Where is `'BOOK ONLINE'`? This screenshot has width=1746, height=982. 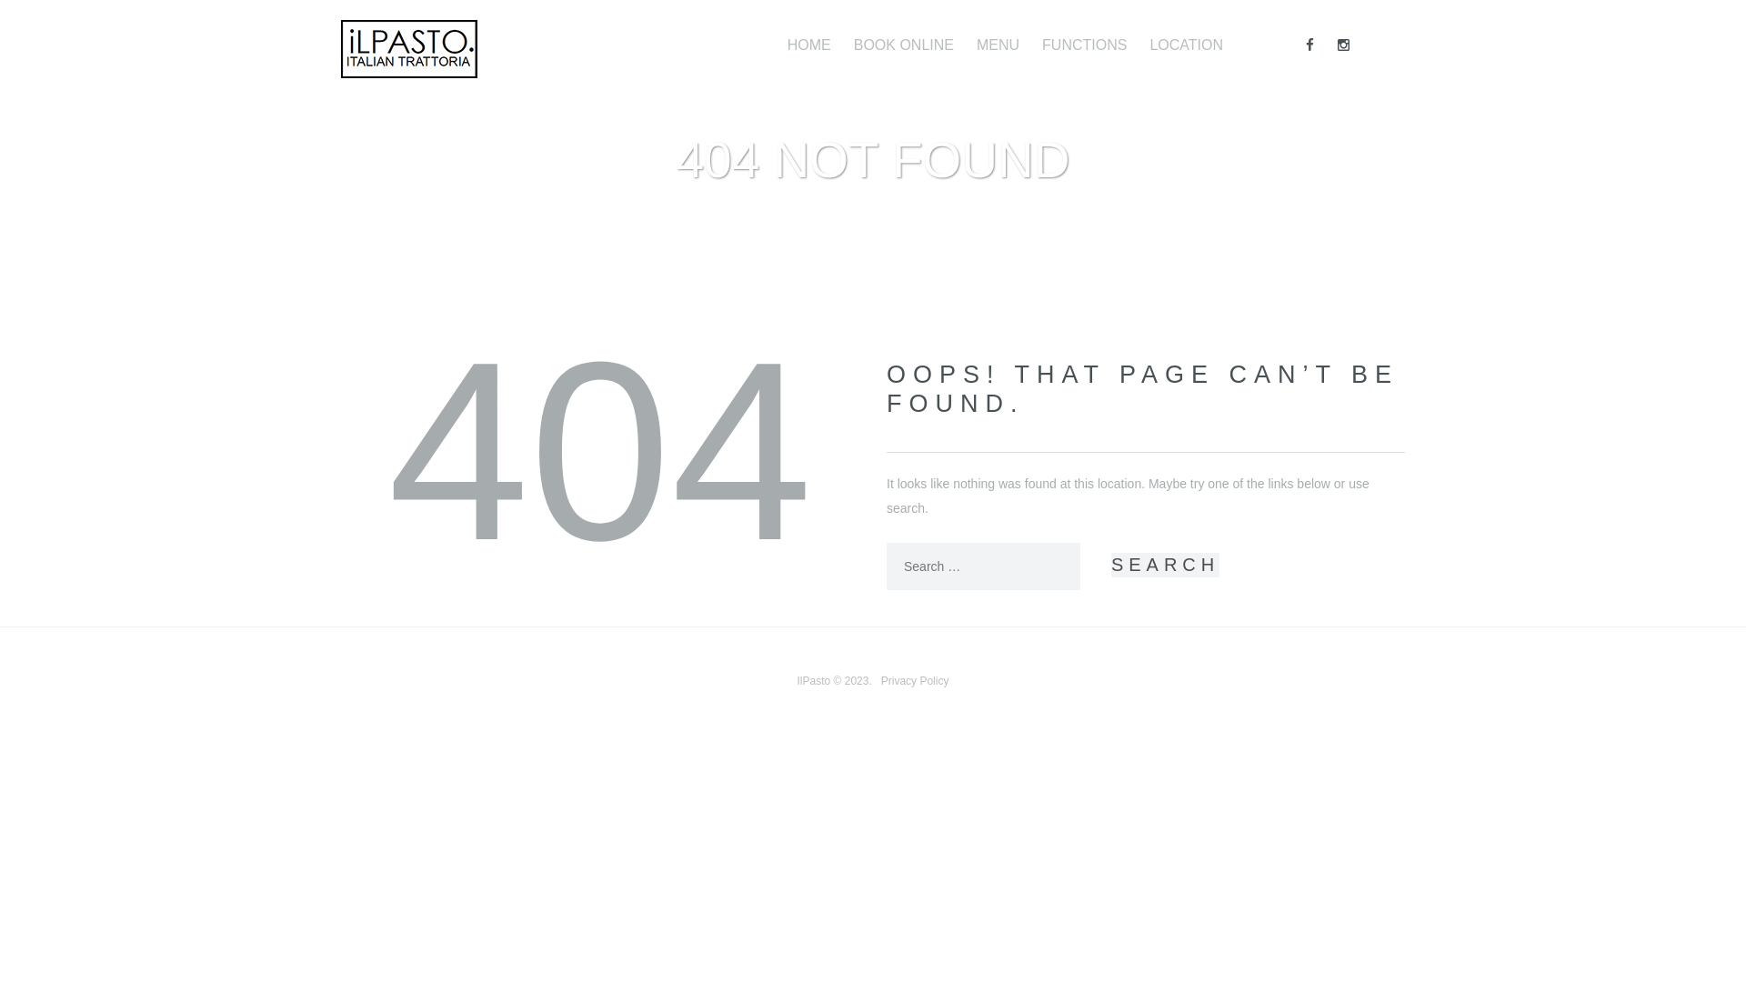 'BOOK ONLINE' is located at coordinates (853, 45).